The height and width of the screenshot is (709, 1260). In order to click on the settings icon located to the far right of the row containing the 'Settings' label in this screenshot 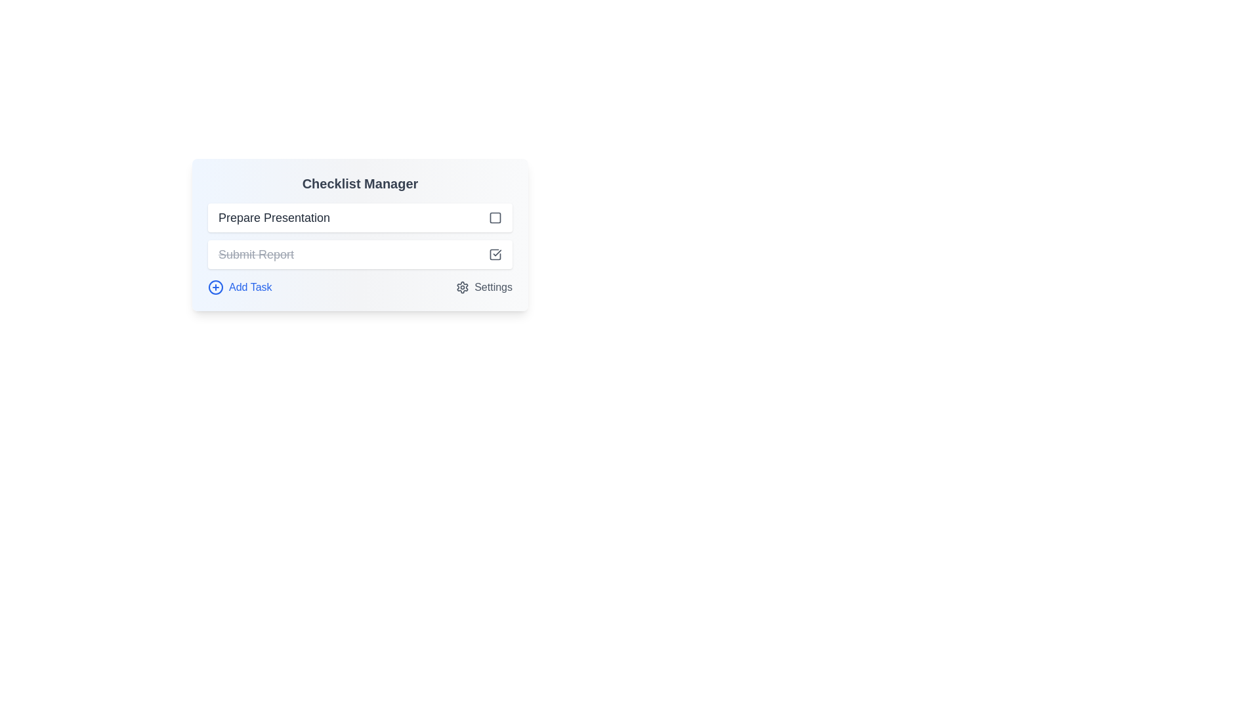, I will do `click(463, 287)`.